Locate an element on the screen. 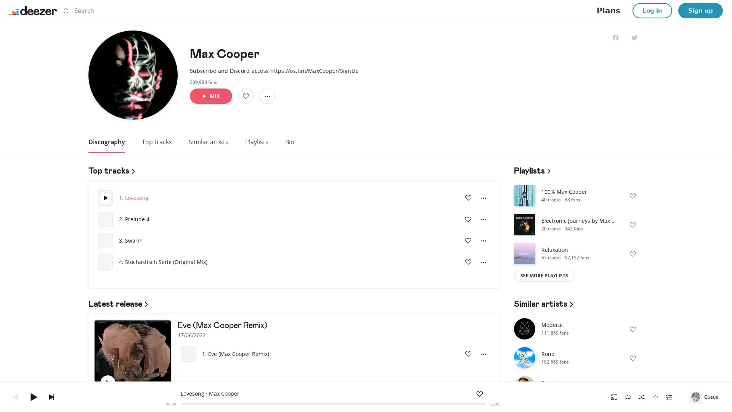 The width and height of the screenshot is (732, 412). Add is located at coordinates (246, 95).